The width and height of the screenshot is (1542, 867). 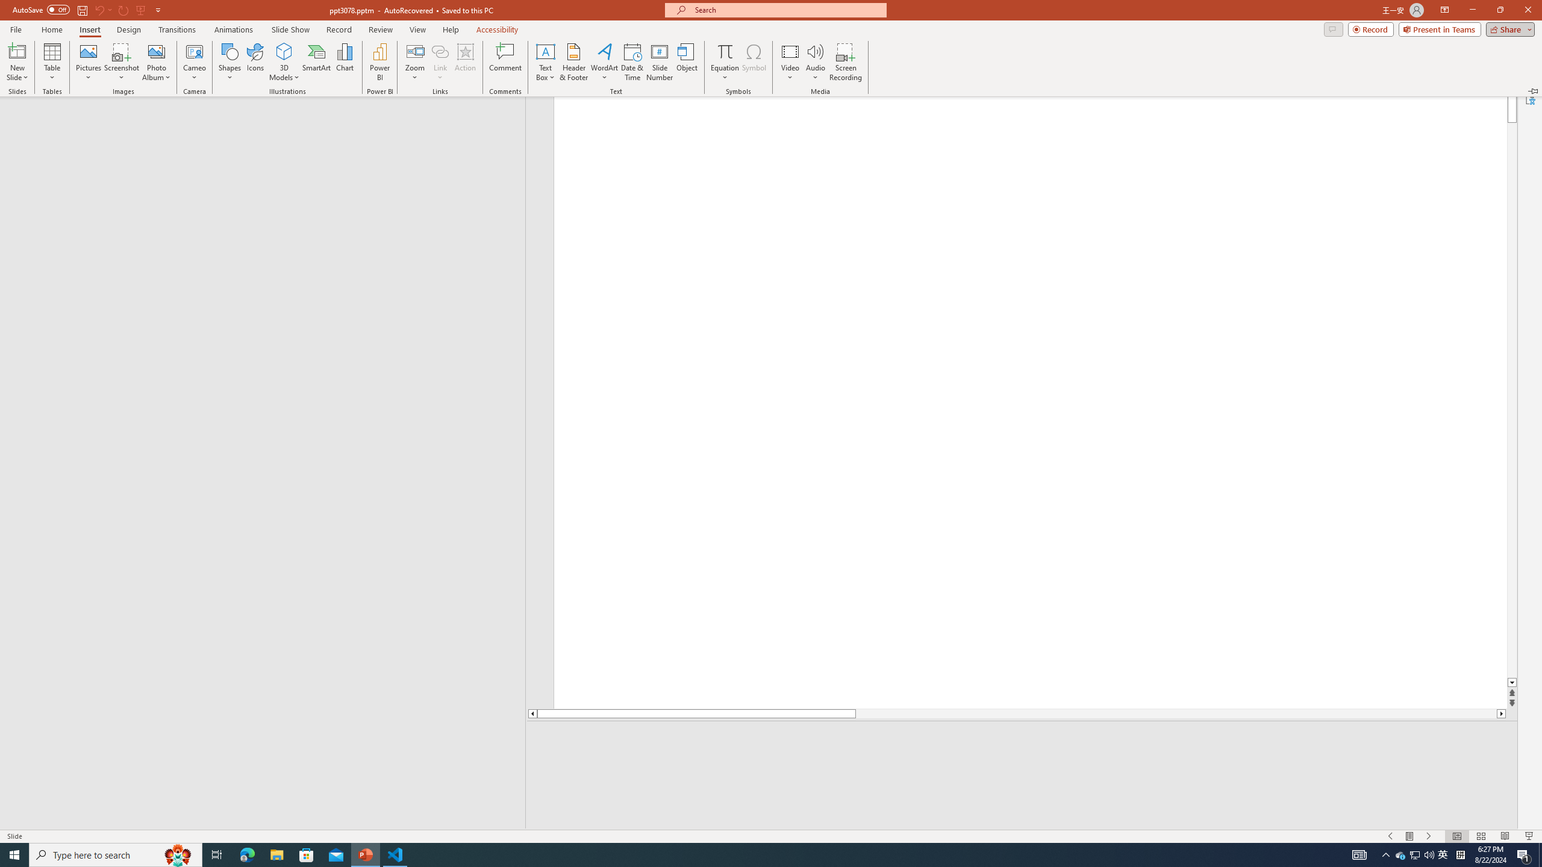 I want to click on 'Microsoft Edge', so click(x=246, y=854).